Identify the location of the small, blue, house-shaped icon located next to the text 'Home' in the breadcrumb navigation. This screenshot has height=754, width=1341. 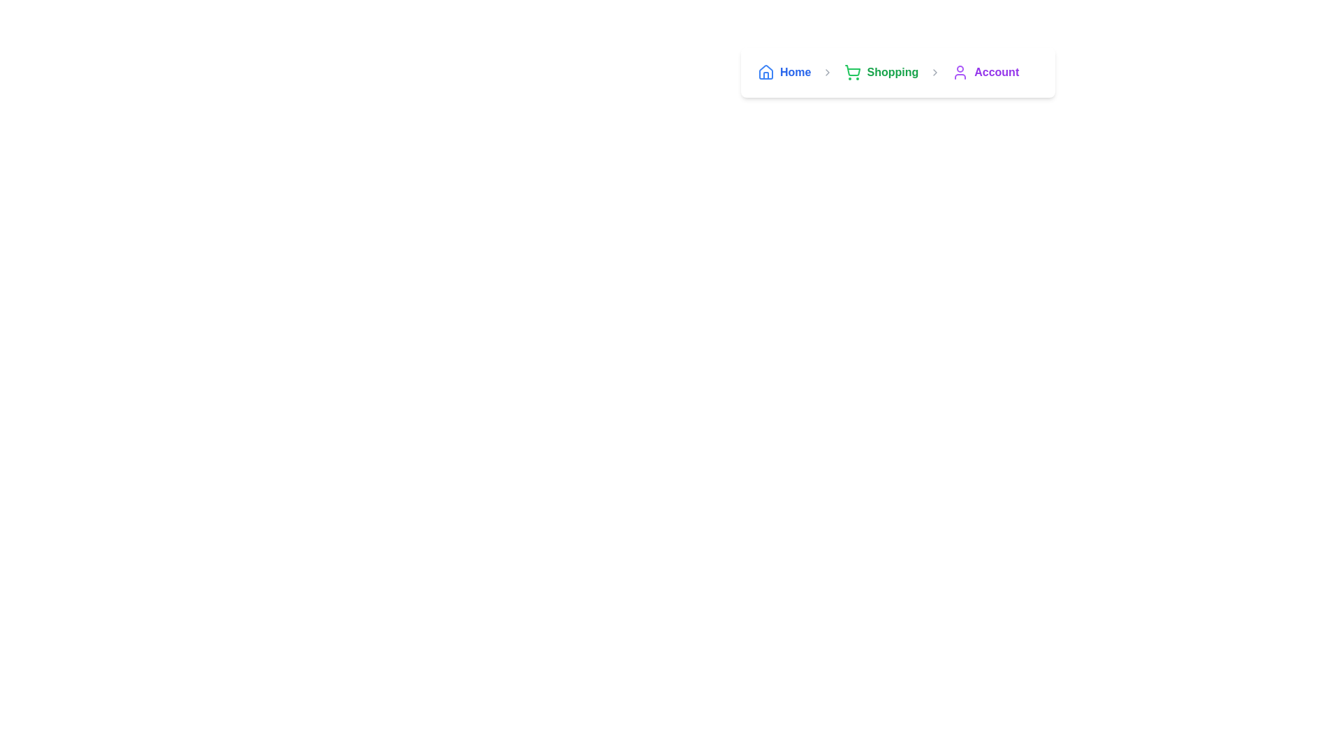
(765, 73).